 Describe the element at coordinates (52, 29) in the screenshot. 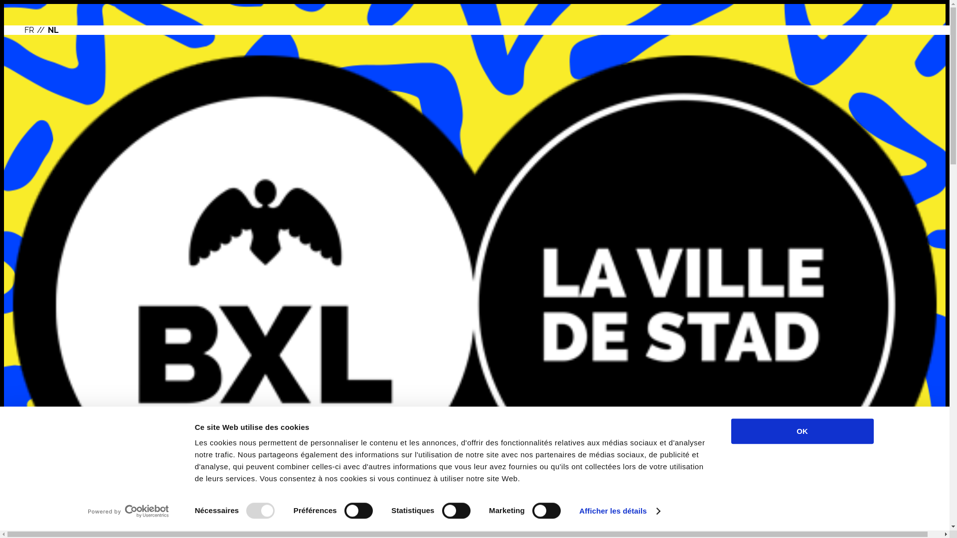

I see `'NL'` at that location.